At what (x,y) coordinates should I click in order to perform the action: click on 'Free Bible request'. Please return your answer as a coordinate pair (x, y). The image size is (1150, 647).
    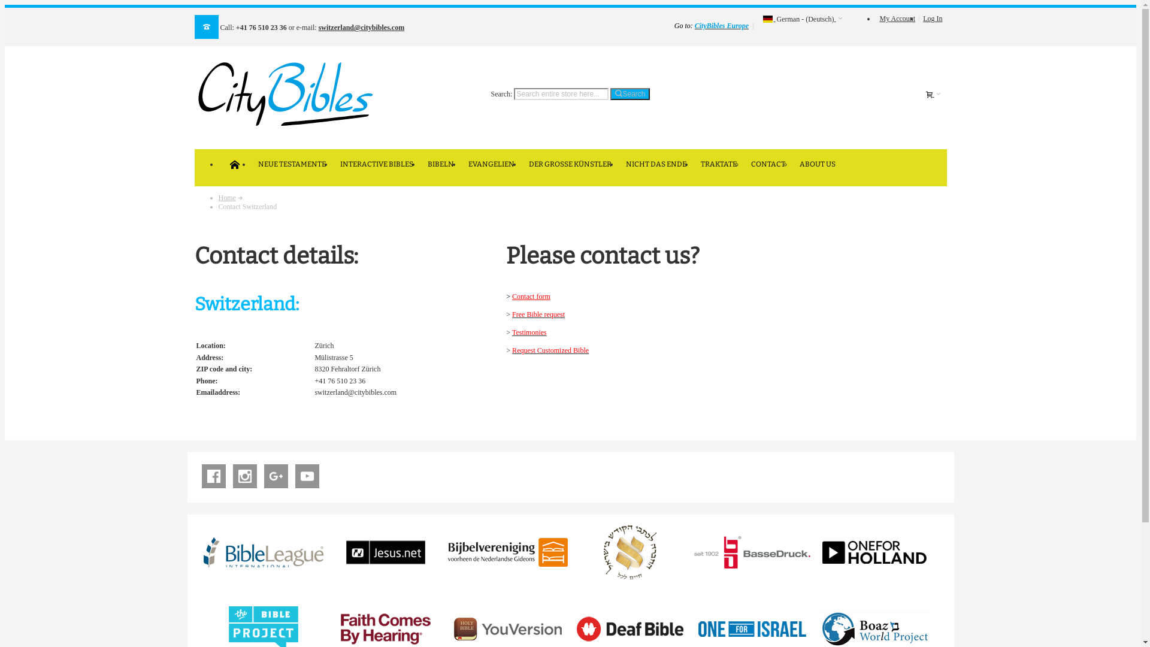
    Looking at the image, I should click on (540, 318).